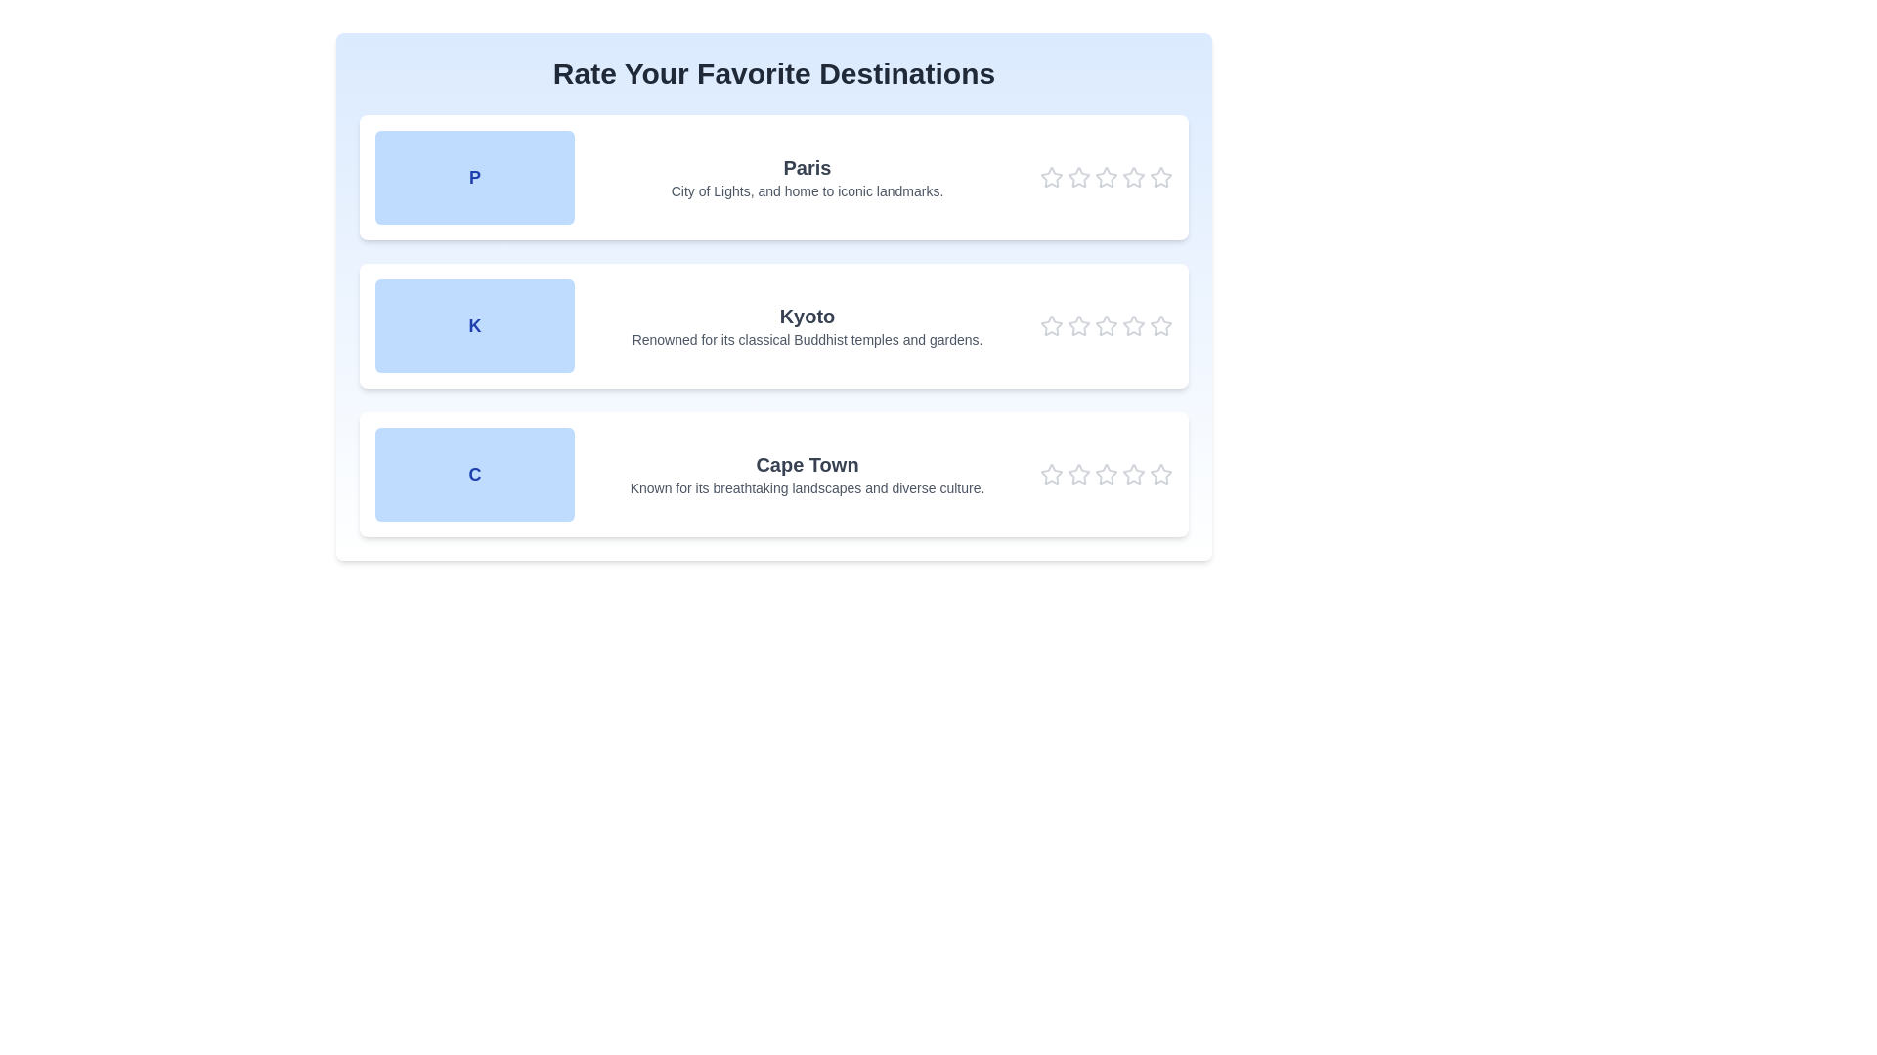 This screenshot has width=1877, height=1055. What do you see at coordinates (1161, 475) in the screenshot?
I see `the fifth star icon in the rating system to assign a rating to the item labeled 'Cape Town'` at bounding box center [1161, 475].